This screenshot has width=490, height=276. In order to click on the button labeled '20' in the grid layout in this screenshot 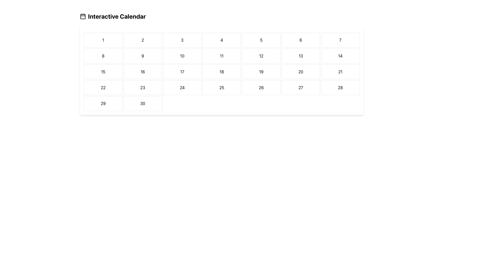, I will do `click(301, 72)`.